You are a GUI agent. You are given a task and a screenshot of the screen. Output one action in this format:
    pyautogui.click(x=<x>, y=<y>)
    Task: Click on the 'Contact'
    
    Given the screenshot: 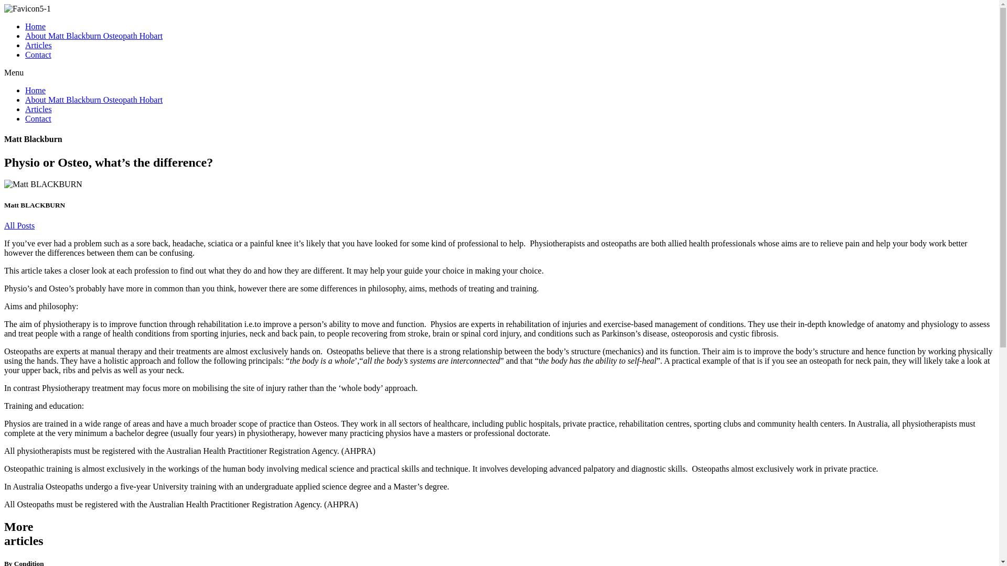 What is the action you would take?
    pyautogui.click(x=38, y=55)
    